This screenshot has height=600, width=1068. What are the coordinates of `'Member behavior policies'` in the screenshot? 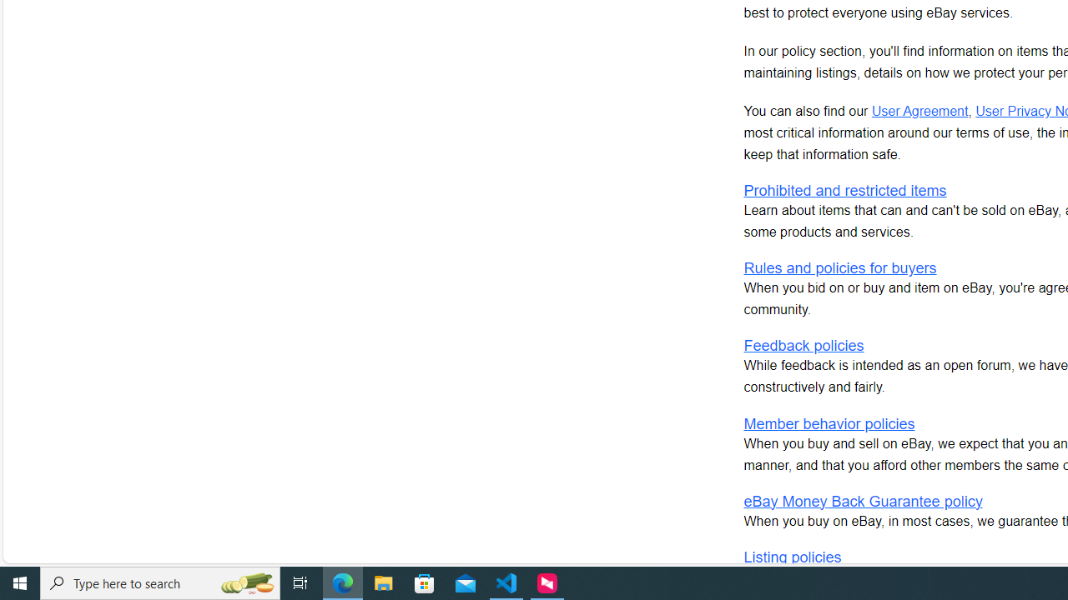 It's located at (829, 422).